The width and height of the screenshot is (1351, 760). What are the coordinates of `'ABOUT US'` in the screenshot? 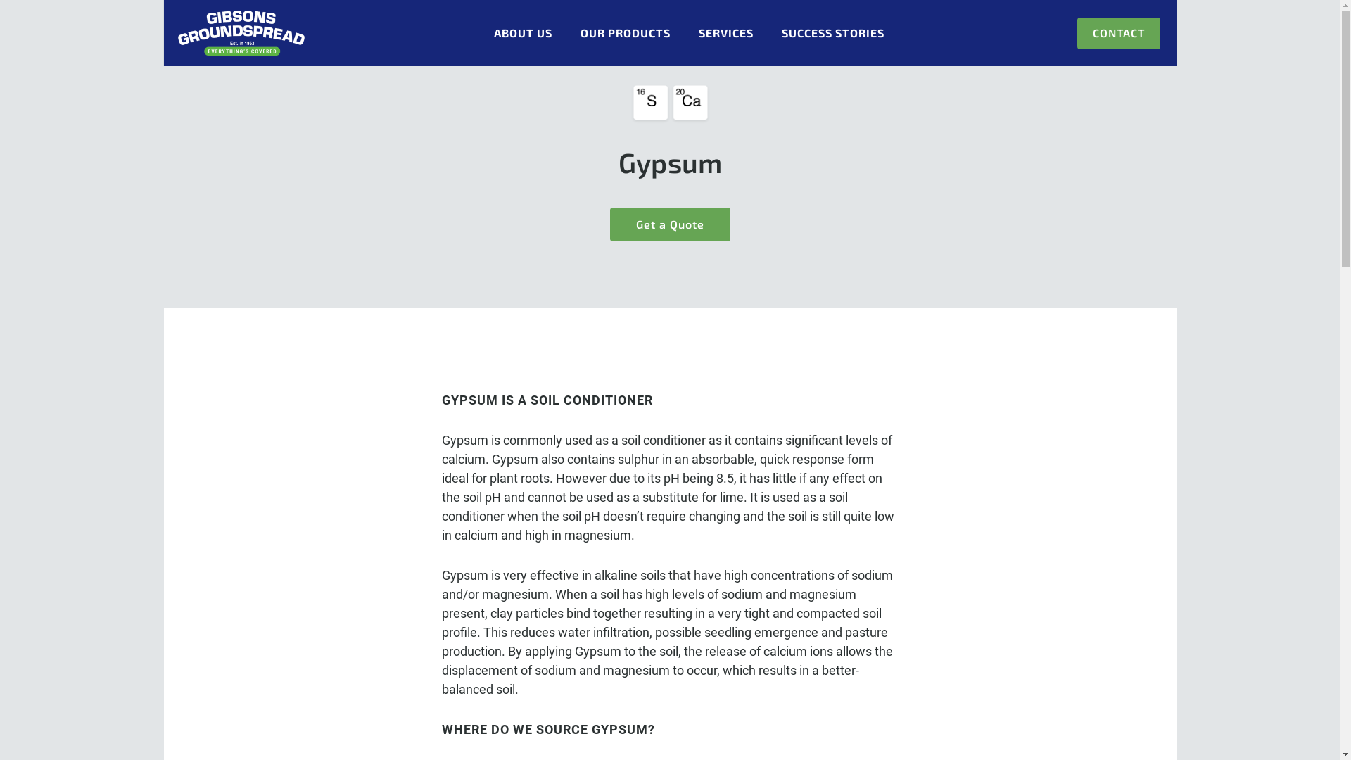 It's located at (522, 32).